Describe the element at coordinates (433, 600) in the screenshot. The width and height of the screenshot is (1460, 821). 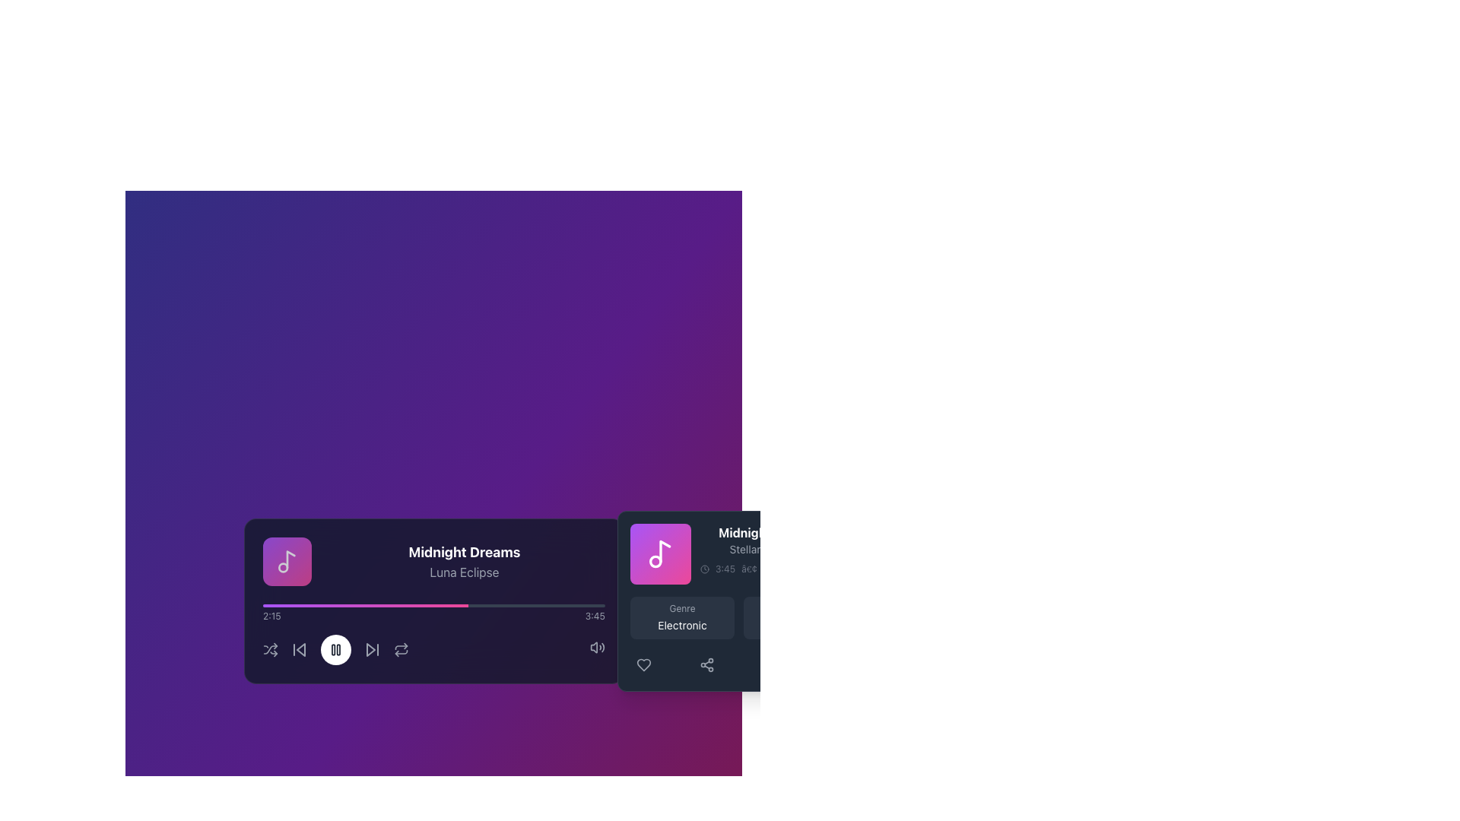
I see `the progress bar located under the album artwork to adjust the playback position of the music track` at that location.